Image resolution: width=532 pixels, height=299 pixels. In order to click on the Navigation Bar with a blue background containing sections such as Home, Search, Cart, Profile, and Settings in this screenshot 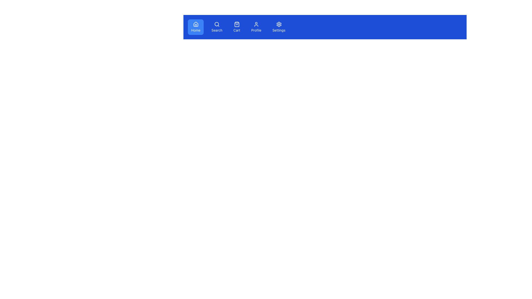, I will do `click(325, 27)`.